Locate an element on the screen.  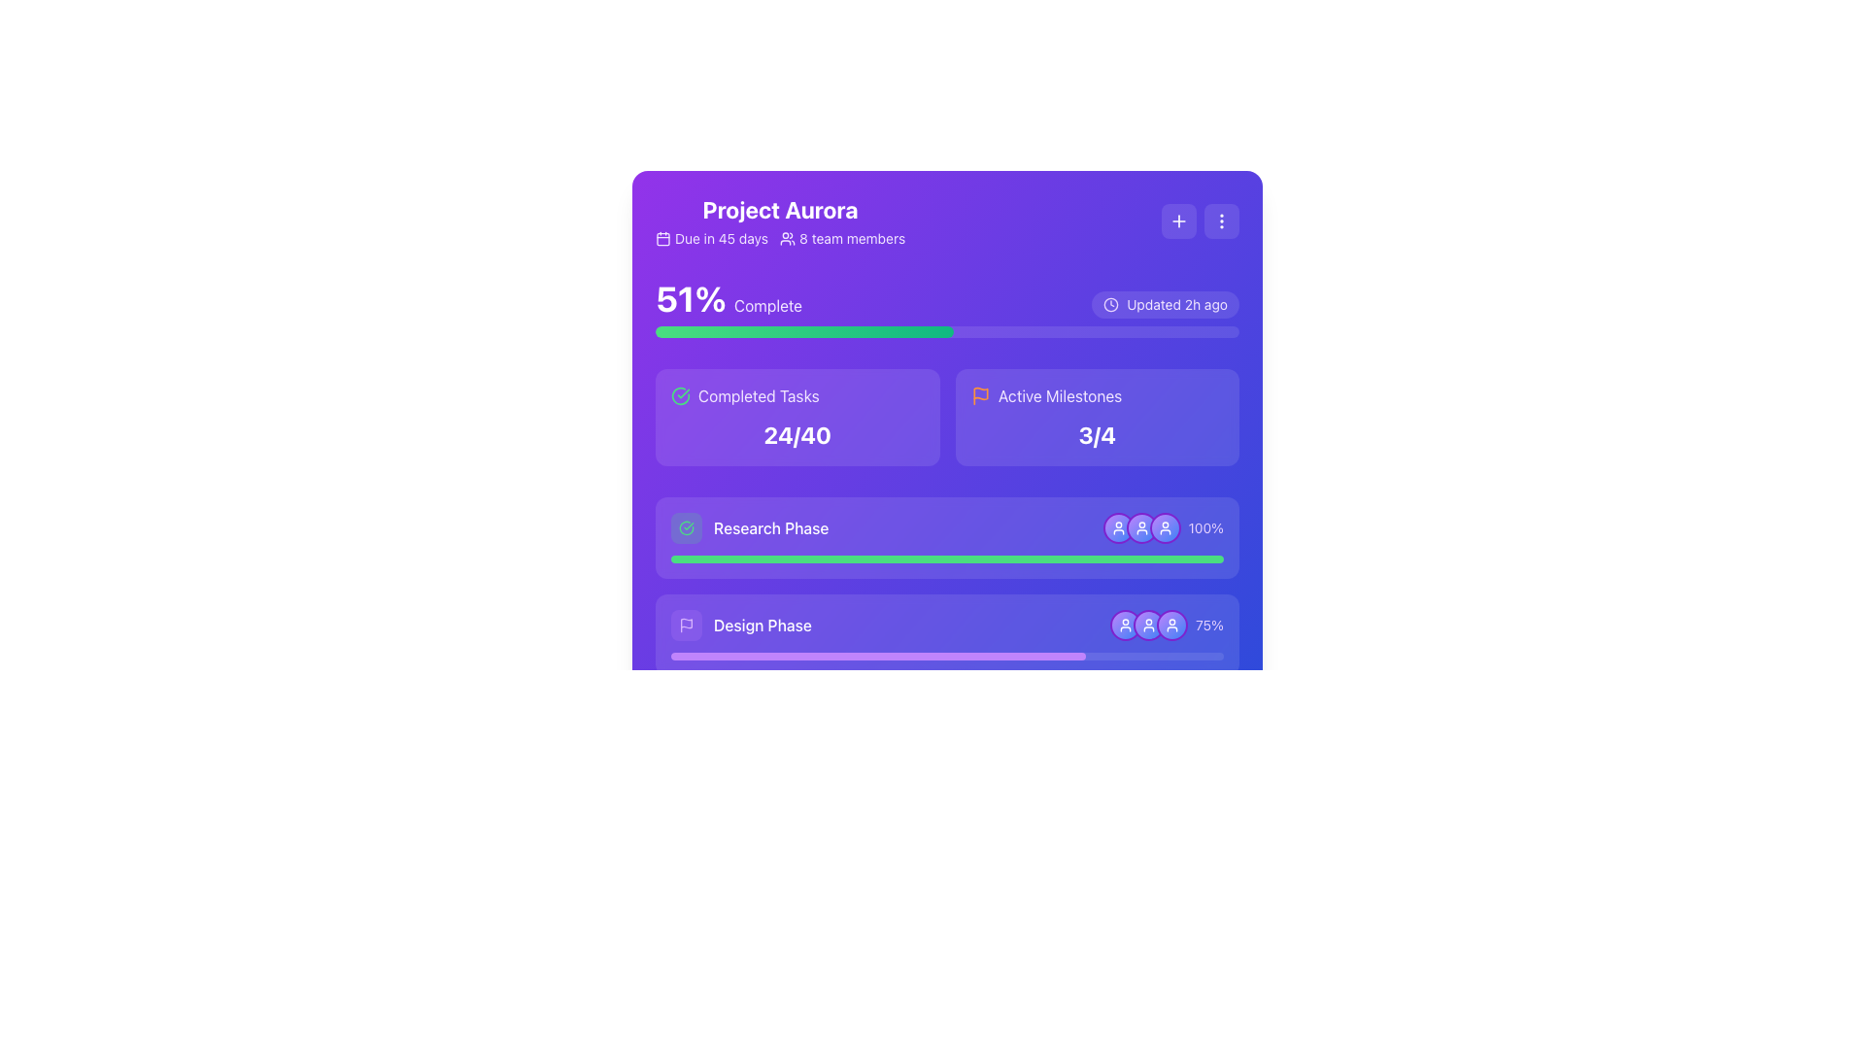
the progress bar segment that visually represents the task completion at 51%, located below the '51% Complete' text is located at coordinates (804, 331).